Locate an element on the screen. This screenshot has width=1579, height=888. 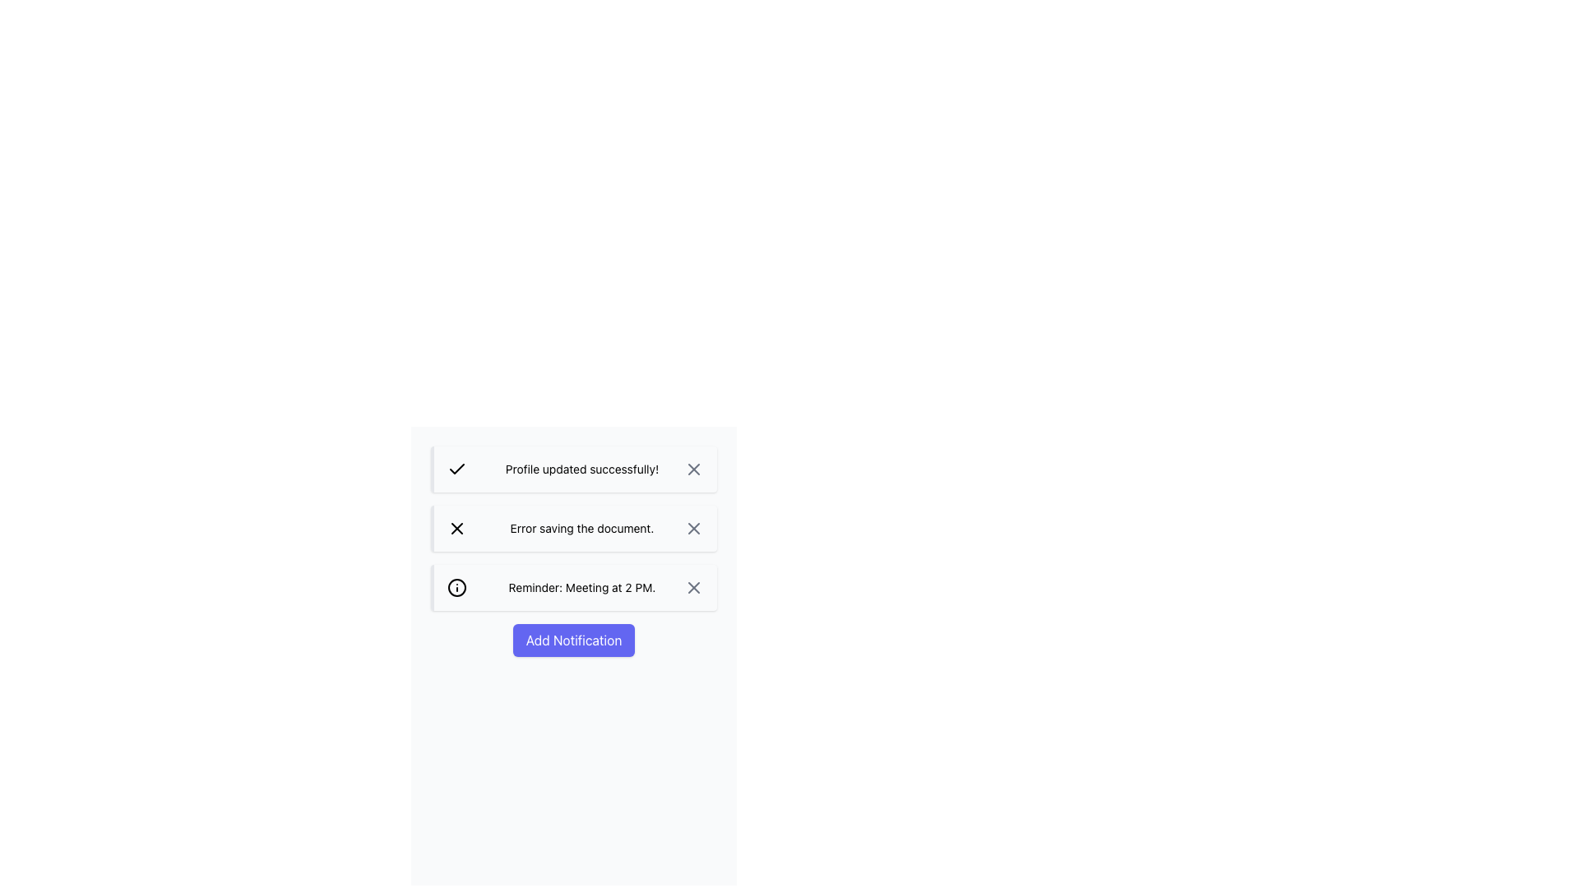
the central graphical icon of the 'close' button in the notification labeled 'Reminder: Meeting at 2 PM' is located at coordinates (694, 586).